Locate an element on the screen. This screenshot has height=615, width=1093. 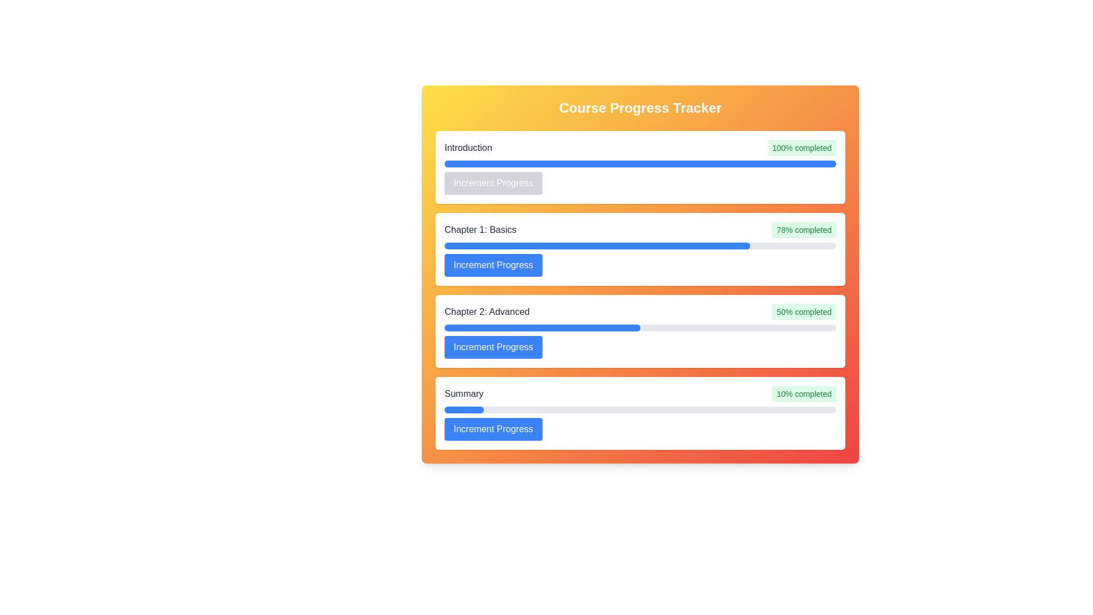
the blue portion of the progress bar under the 'Summary' section, which indicates progress visually but does not allow for direct user interaction is located at coordinates (464, 410).